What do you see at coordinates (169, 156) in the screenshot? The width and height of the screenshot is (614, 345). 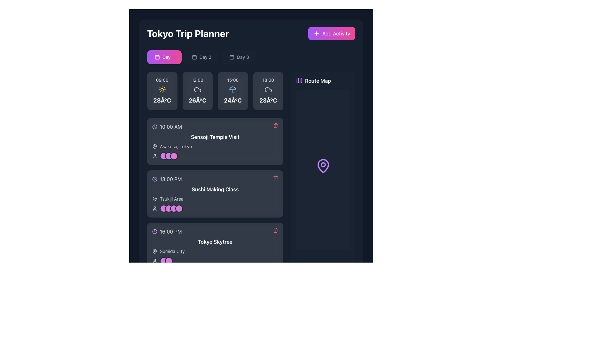 I see `the second circular avatar with a gradient background from purple to pink, located within the activity card titled 'Sensoji Temple Visit' for 10:00 AM` at bounding box center [169, 156].